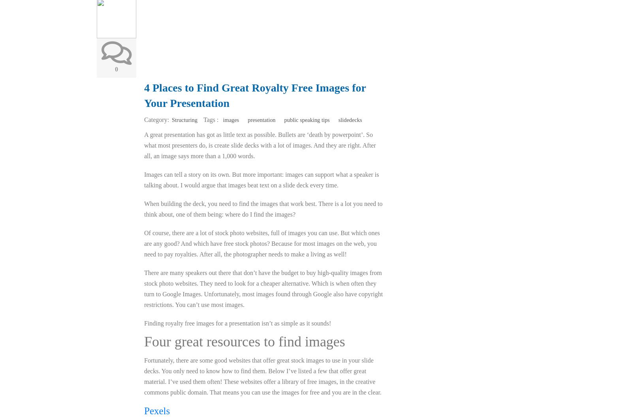 This screenshot has width=632, height=419. I want to click on 'Structuring', so click(184, 119).